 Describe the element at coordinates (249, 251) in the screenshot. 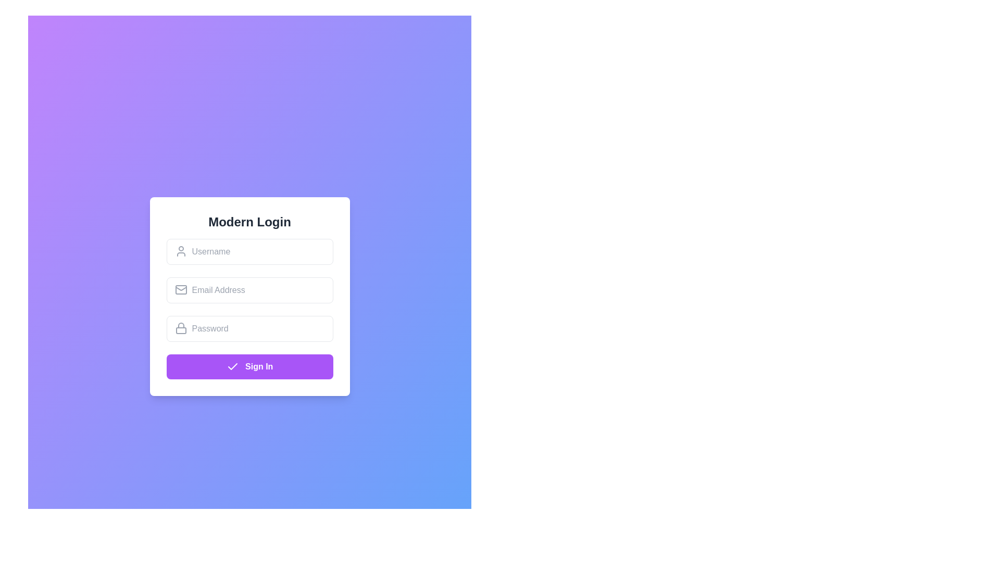

I see `the username text input field directly under the 'Modern Login' heading by tabbing to it for accessibility purposes` at that location.